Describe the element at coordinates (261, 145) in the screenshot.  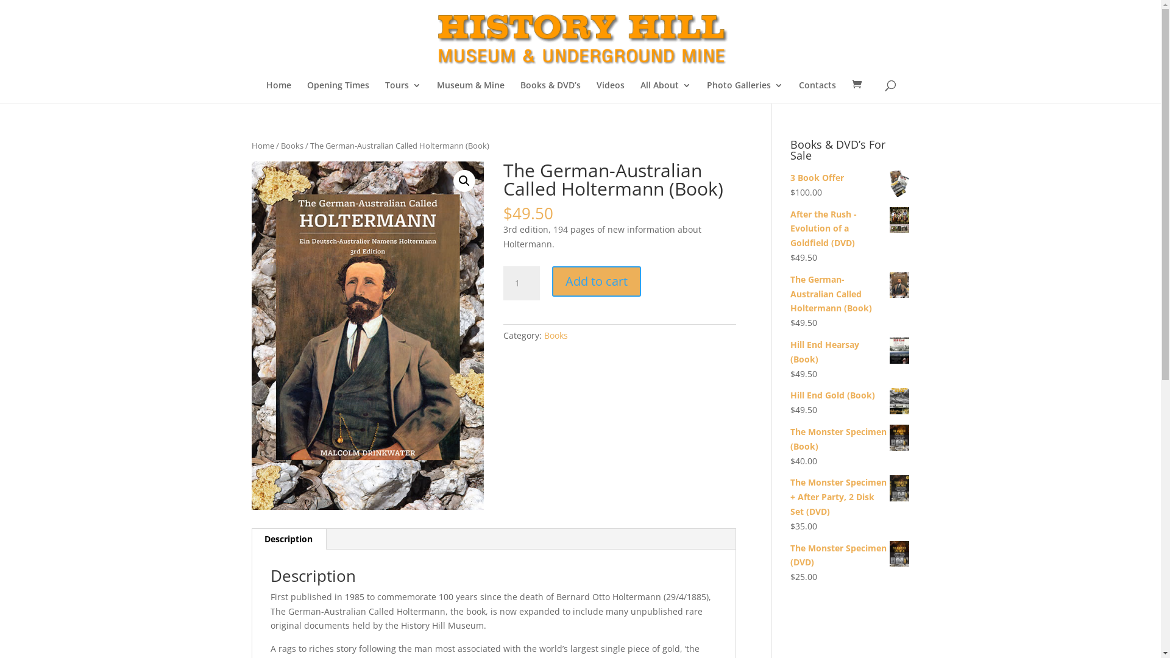
I see `'Home'` at that location.